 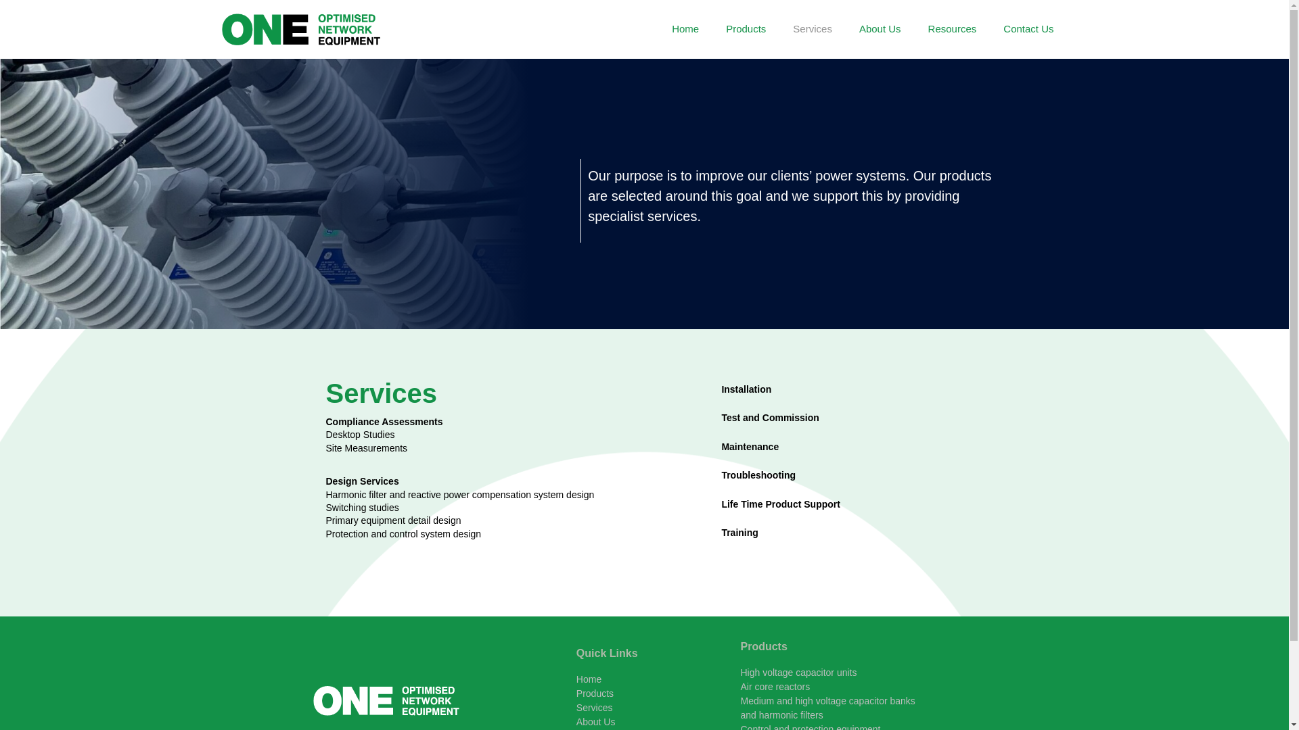 What do you see at coordinates (798, 673) in the screenshot?
I see `'High voltage capacitor units'` at bounding box center [798, 673].